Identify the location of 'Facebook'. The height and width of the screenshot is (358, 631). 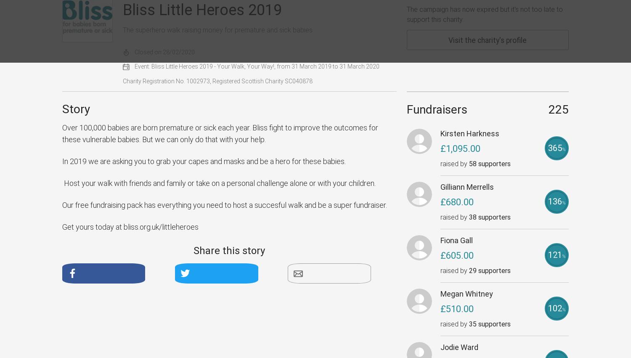
(117, 273).